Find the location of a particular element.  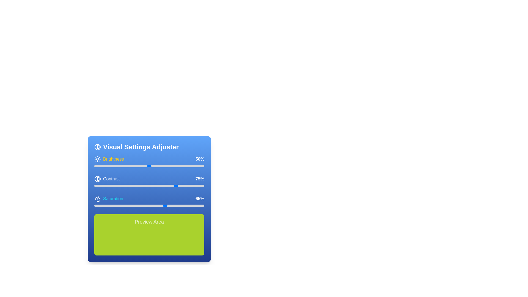

the circle-shaped graphical element representing the contrast settings, located next to the title 'Visual Settings Adjuster' in the settings panel is located at coordinates (98, 147).